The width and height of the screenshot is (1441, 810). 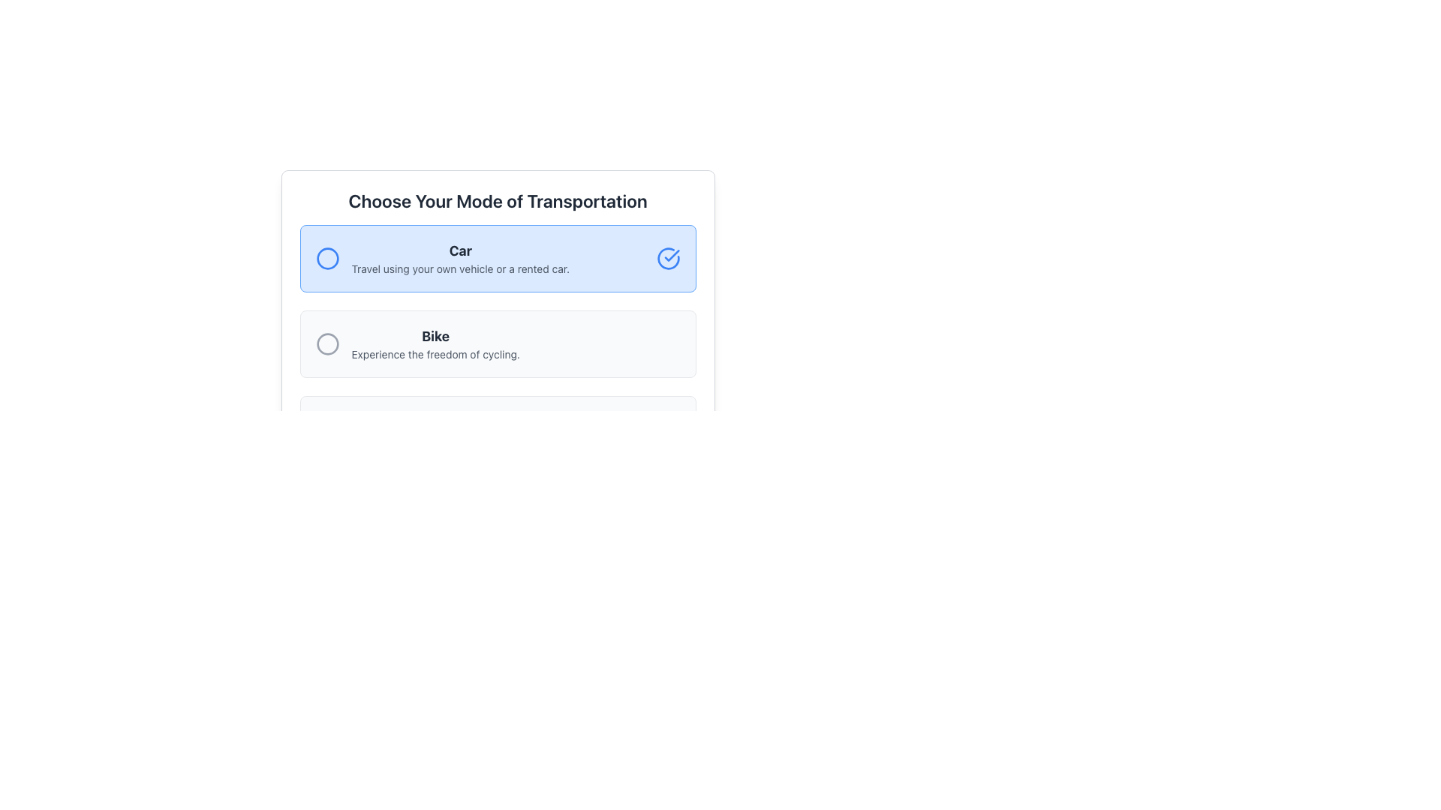 What do you see at coordinates (435, 355) in the screenshot?
I see `the static text that provides additional information about the selection choice labeled 'Bike', located beneath the 'Bike' text and next to a circular radio button` at bounding box center [435, 355].